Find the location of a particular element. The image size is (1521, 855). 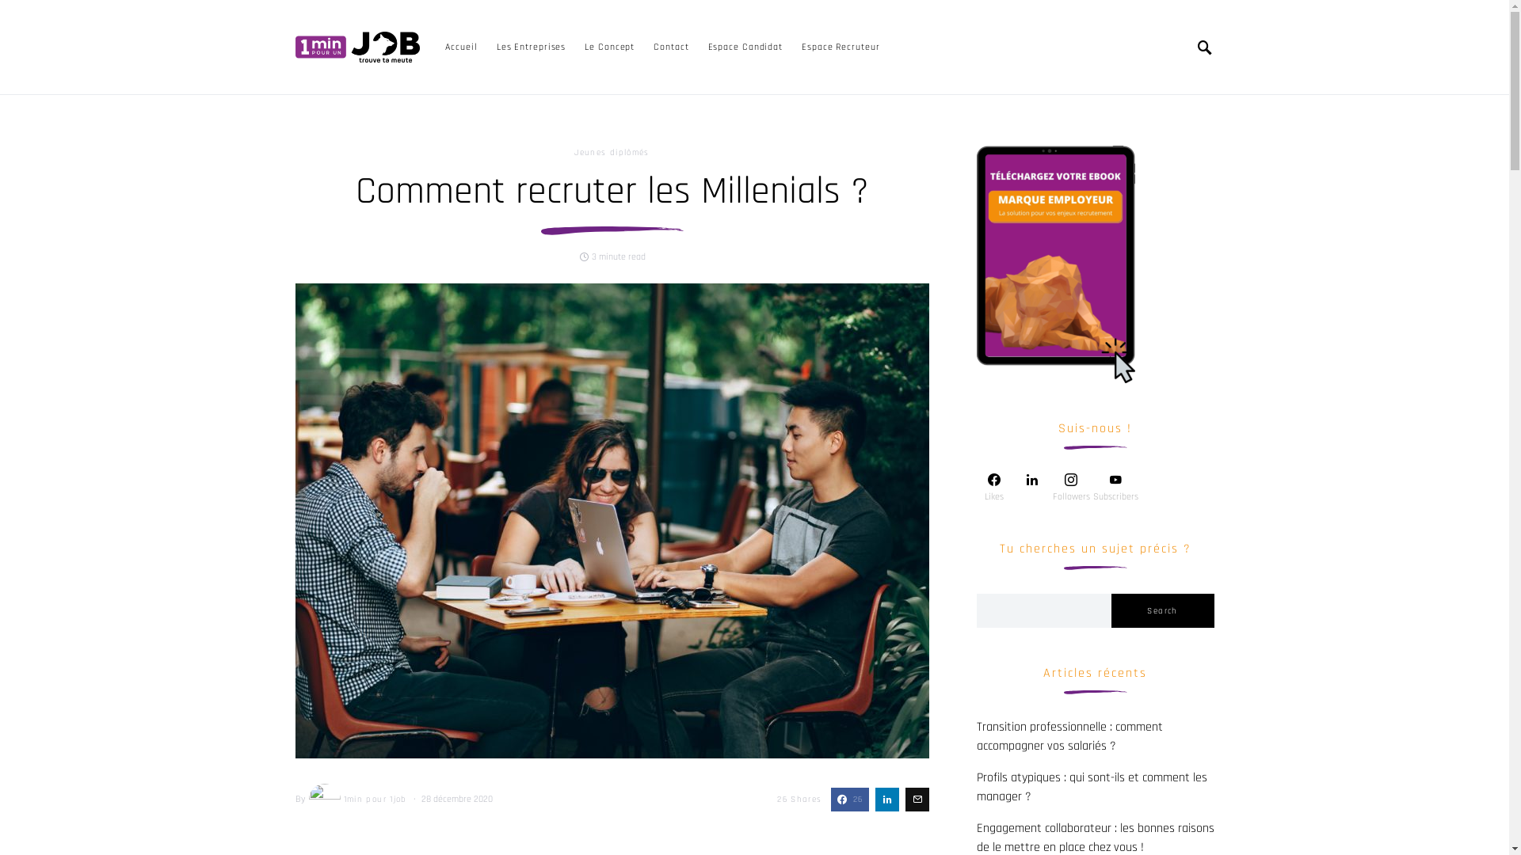

'Contact' is located at coordinates (643, 47).